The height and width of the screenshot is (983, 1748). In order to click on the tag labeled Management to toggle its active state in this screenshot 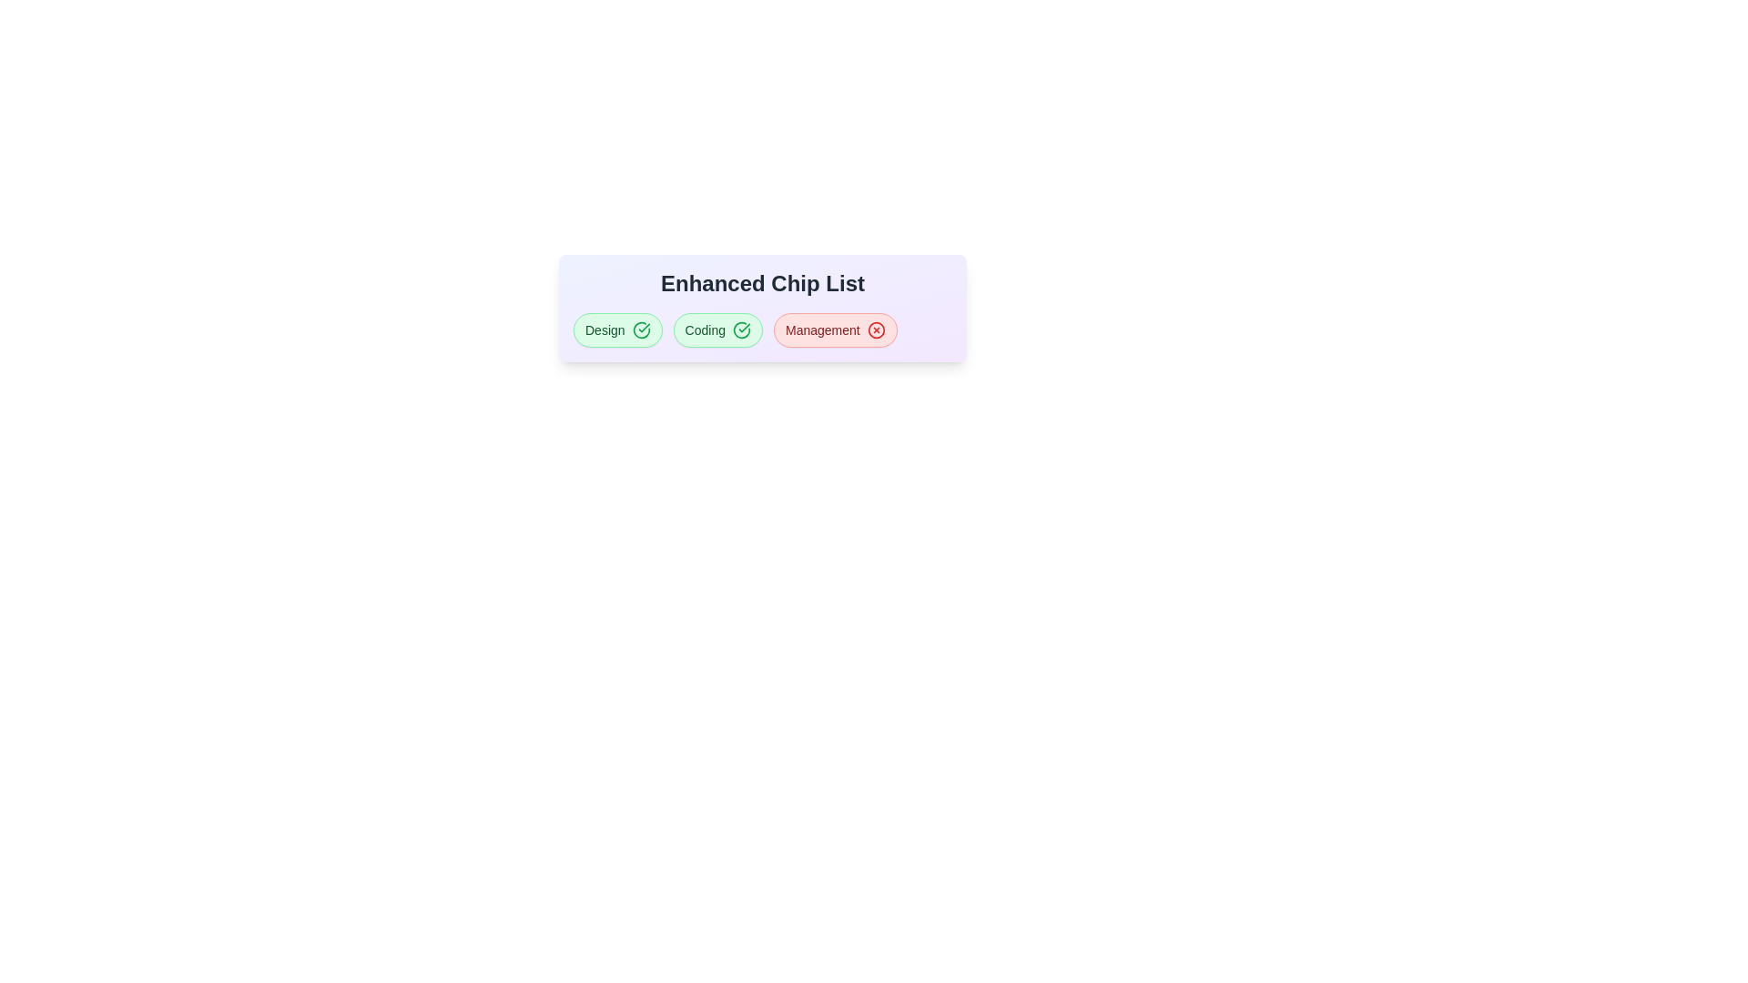, I will do `click(834, 329)`.